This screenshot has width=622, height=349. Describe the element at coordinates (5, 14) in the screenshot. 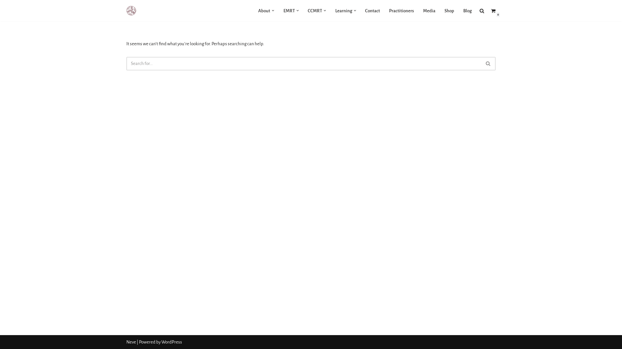

I see `'Skip to content'` at that location.